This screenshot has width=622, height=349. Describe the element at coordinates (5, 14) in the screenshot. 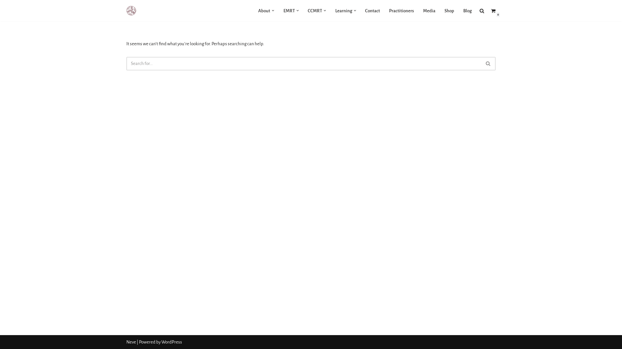

I see `'Skip to content'` at that location.